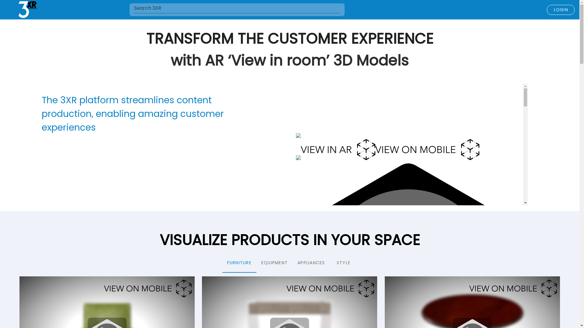 This screenshot has width=584, height=328. What do you see at coordinates (547, 9) in the screenshot?
I see `'LOGIN'` at bounding box center [547, 9].